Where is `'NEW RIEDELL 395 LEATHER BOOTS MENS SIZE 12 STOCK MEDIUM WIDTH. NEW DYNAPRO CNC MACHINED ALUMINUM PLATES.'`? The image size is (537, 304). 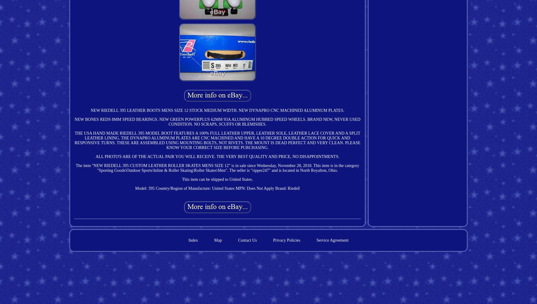
'NEW RIEDELL 395 LEATHER BOOTS MENS SIZE 12 STOCK MEDIUM WIDTH. NEW DYNAPRO CNC MACHINED ALUMINUM PLATES.' is located at coordinates (217, 110).